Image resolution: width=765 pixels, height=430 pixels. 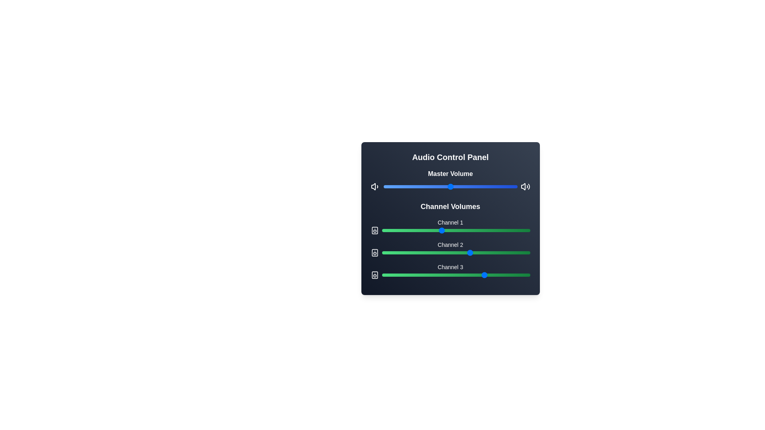 I want to click on the blue thumb of the volume slider for 'Channel 1', so click(x=450, y=227).